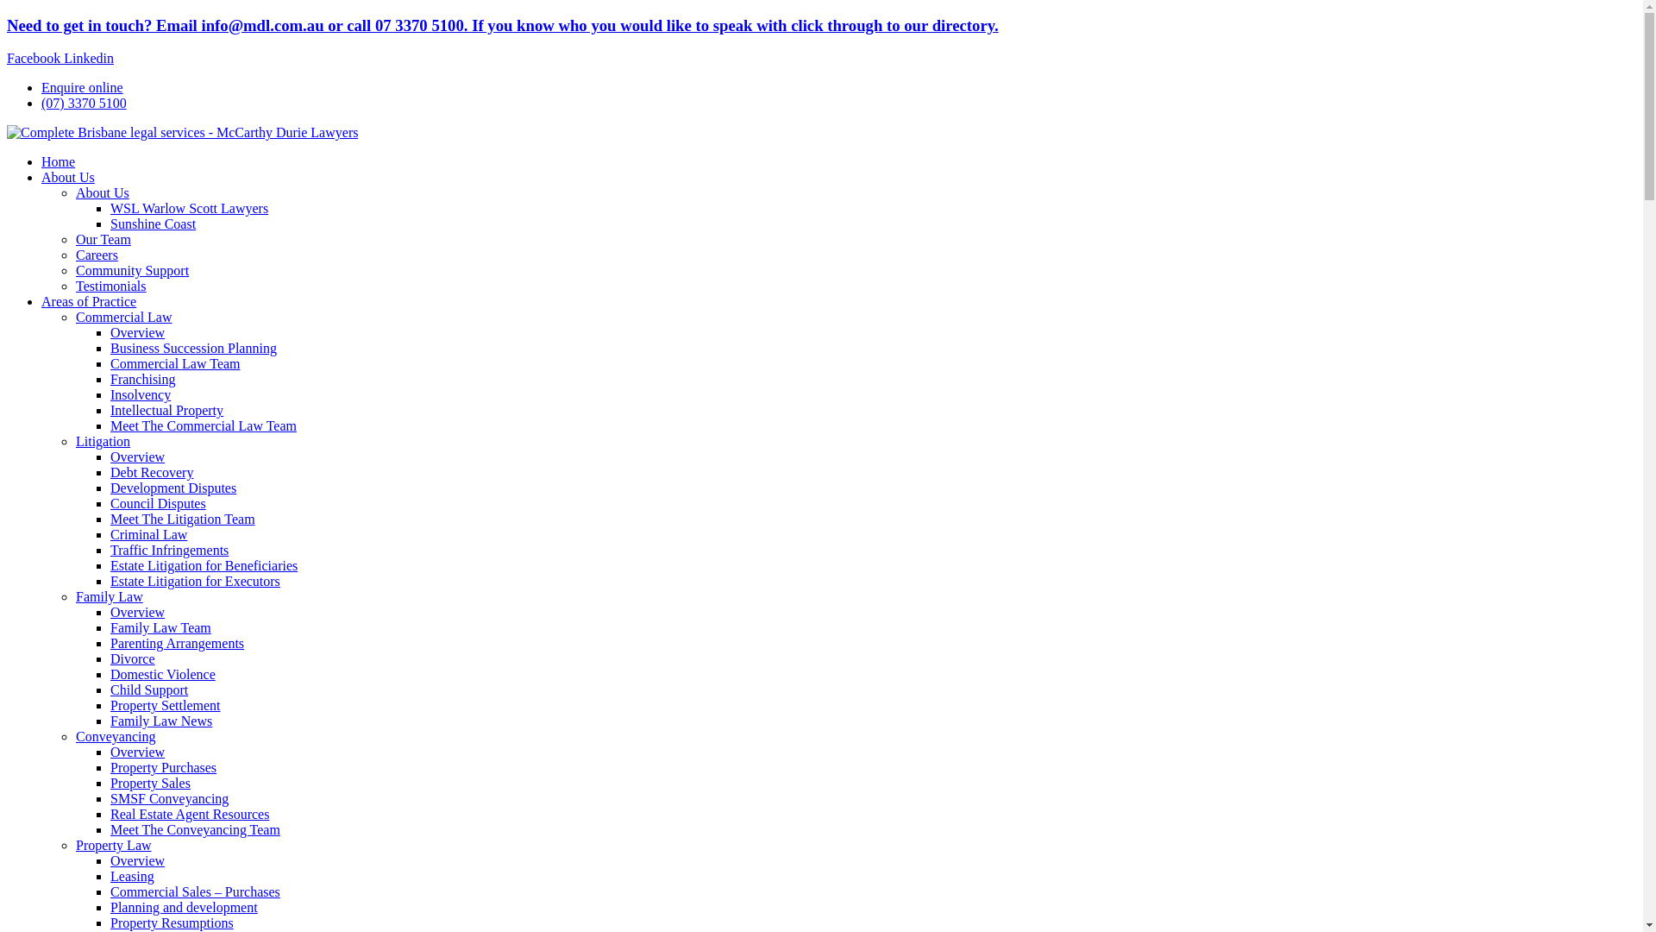 Image resolution: width=1656 pixels, height=932 pixels. What do you see at coordinates (162, 673) in the screenshot?
I see `'Domestic Violence'` at bounding box center [162, 673].